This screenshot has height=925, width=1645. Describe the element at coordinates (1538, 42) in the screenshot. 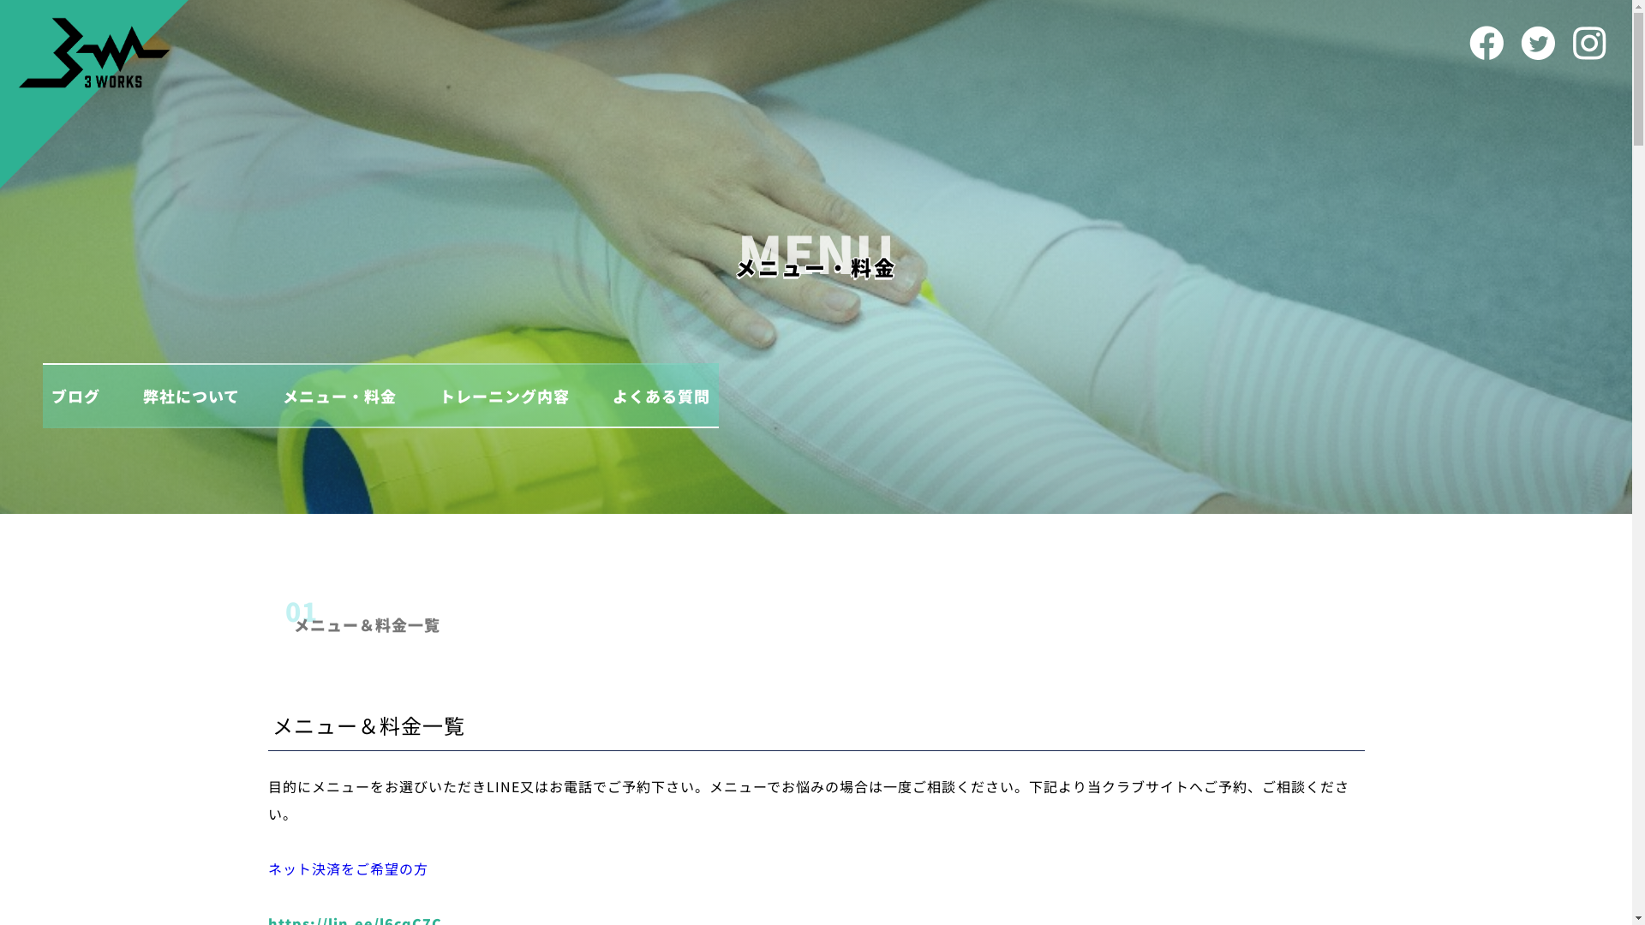

I see `'Twitter'` at that location.